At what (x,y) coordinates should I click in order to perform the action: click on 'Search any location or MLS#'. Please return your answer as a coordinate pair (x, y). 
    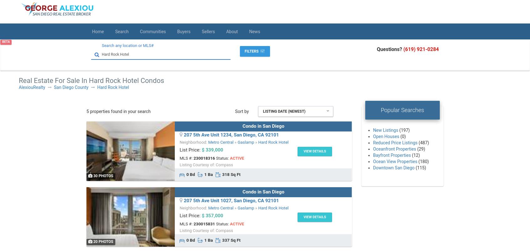
    Looking at the image, I should click on (101, 45).